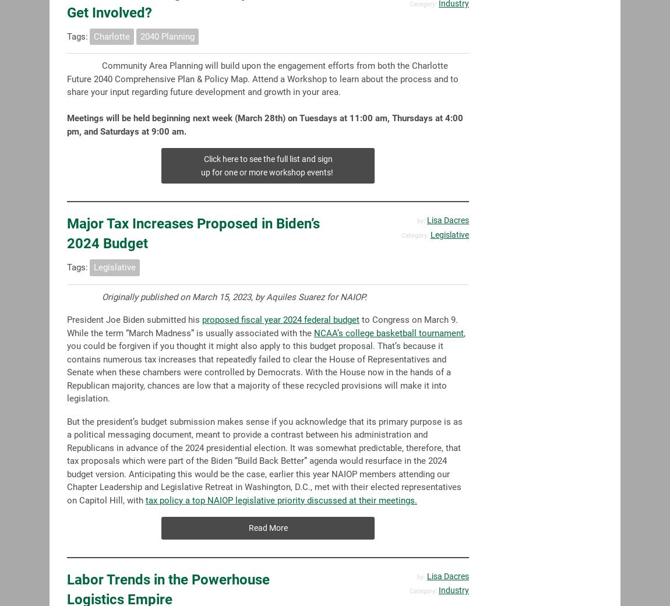 The image size is (670, 606). Describe the element at coordinates (265, 125) in the screenshot. I see `'Meetings will be held beginning next week (March 28th) on Tuesdays at 11:00 am, Thursdays at 4:00 pm, and Saturdays at 9:00 am.'` at that location.